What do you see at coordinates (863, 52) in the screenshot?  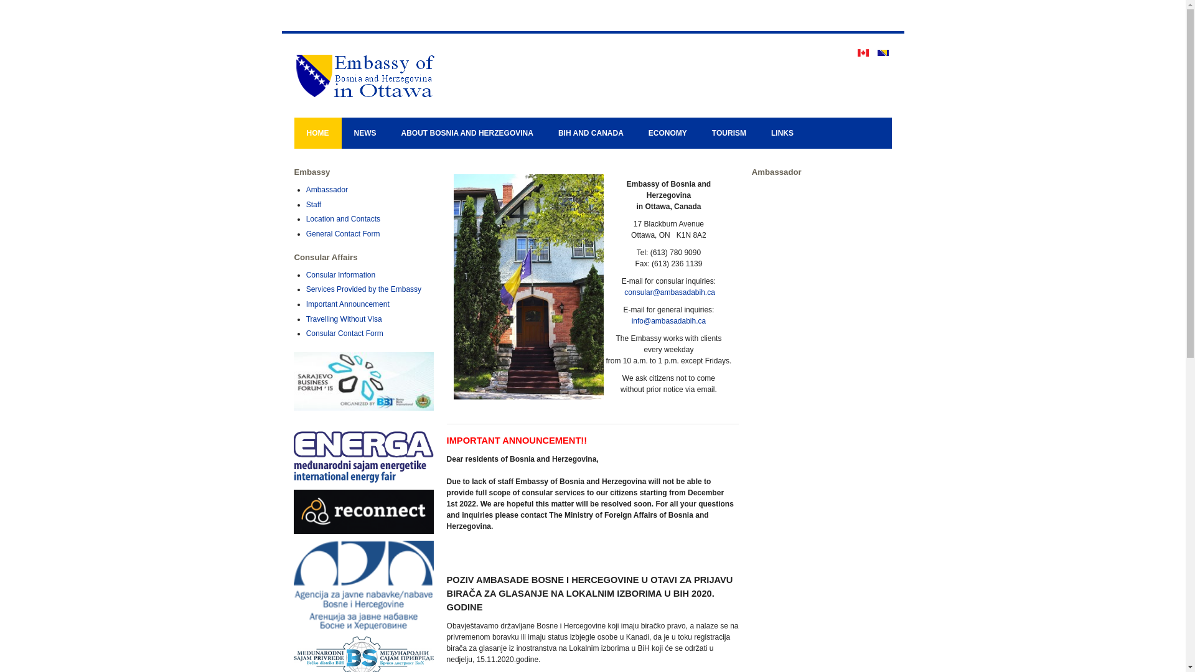 I see `'English (CA)'` at bounding box center [863, 52].